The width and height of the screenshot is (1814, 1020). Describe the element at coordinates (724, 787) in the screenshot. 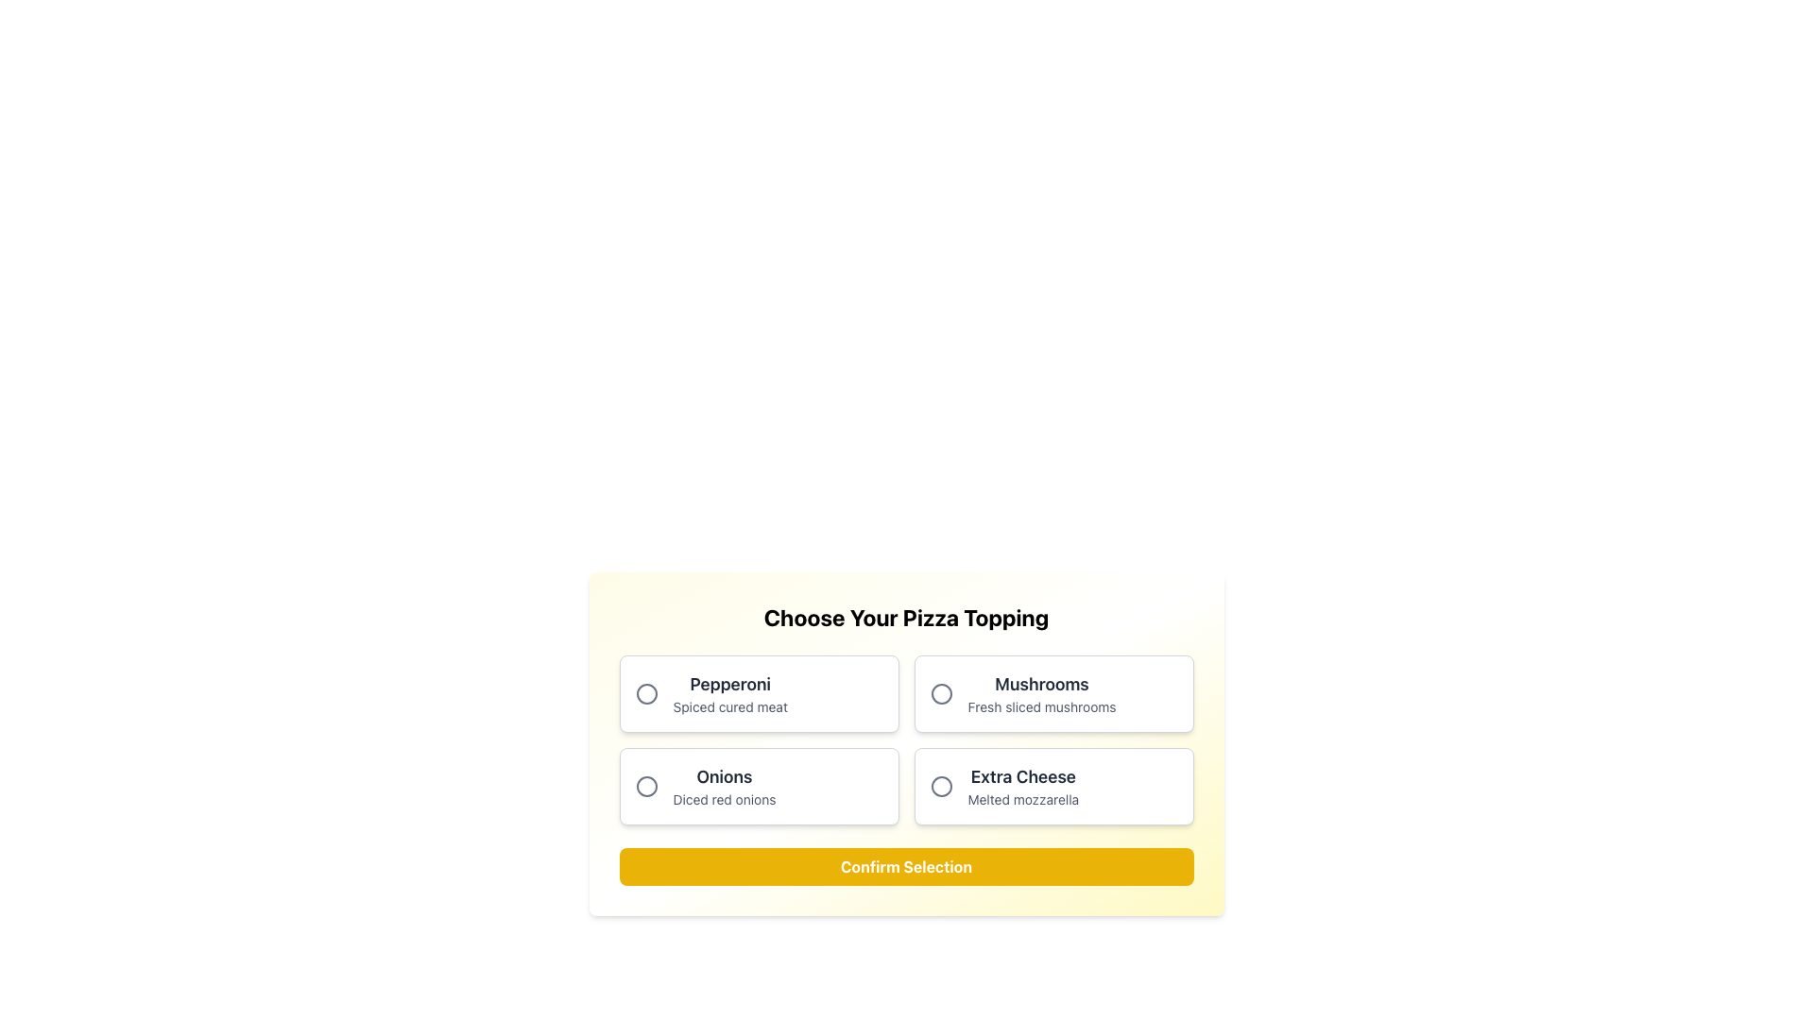

I see `description of the 'Onions' textual label, which contains the label in bold and a description in smaller text` at that location.